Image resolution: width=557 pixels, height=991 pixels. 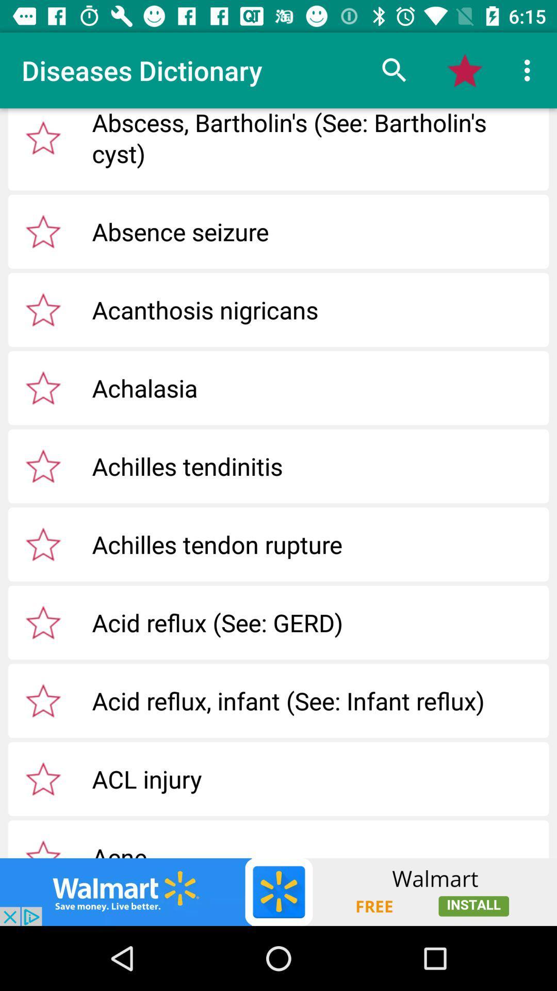 What do you see at coordinates (43, 465) in the screenshot?
I see `dictionary entry` at bounding box center [43, 465].